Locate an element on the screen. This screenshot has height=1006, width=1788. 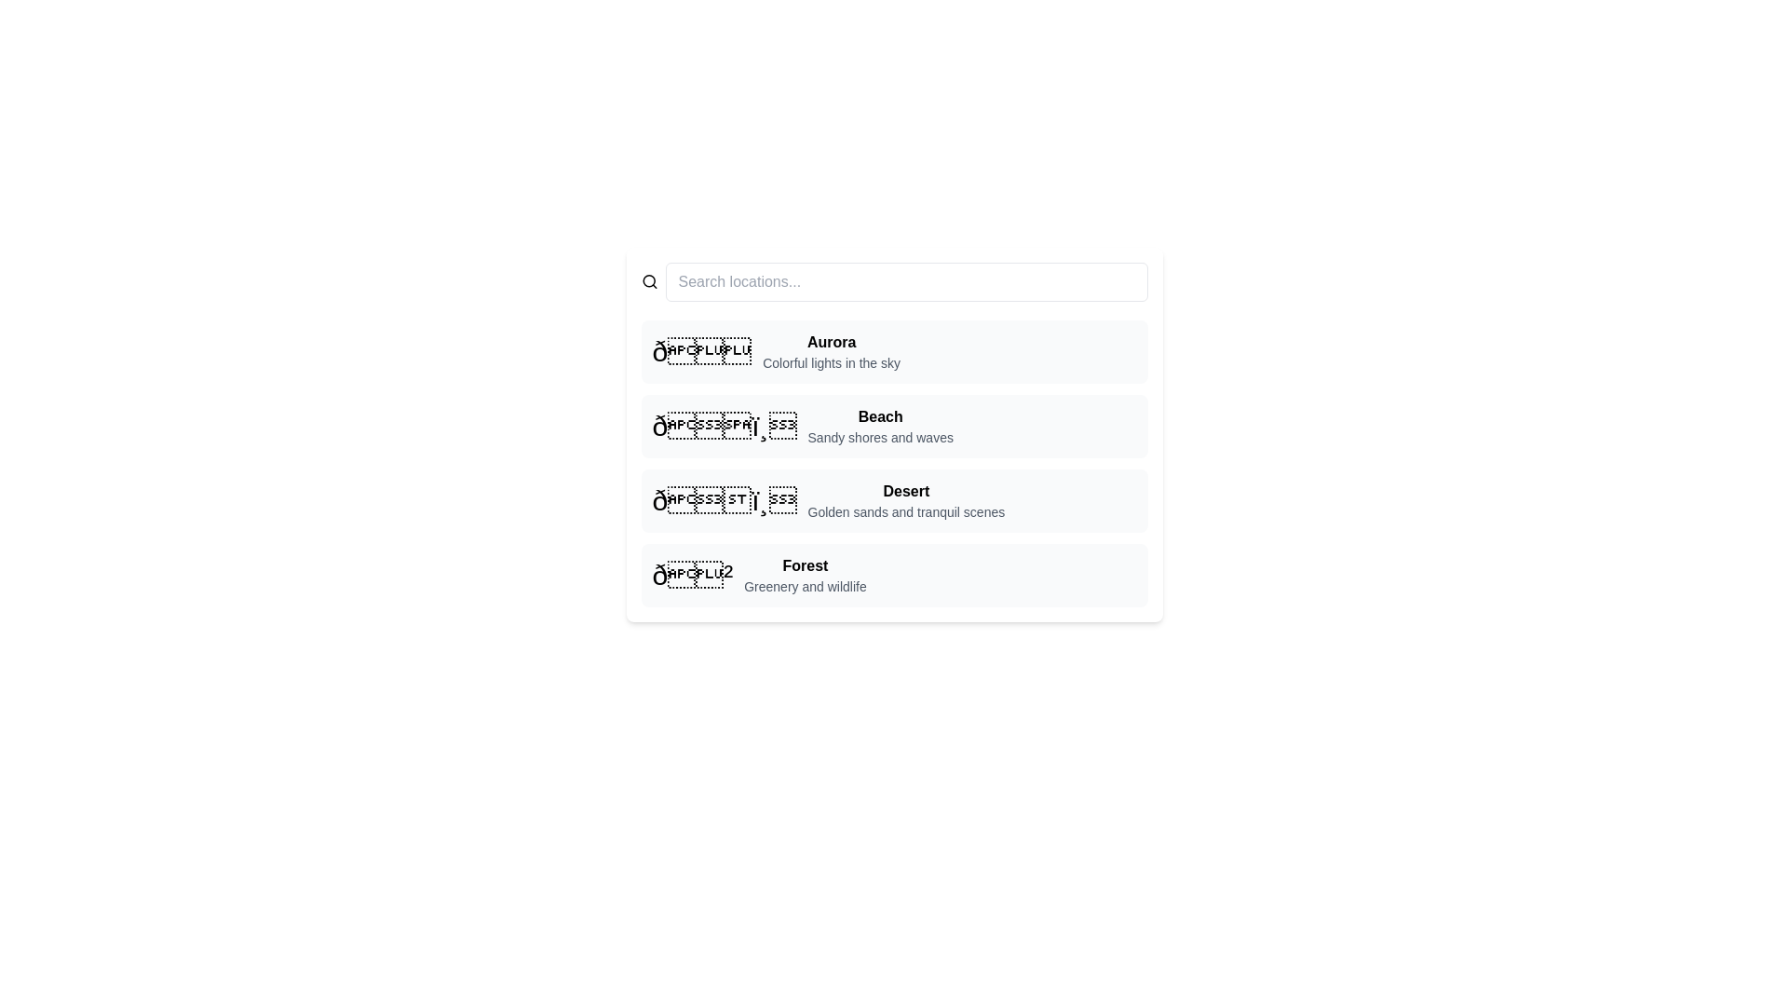
the selectable list item labeled 'Aurora' which features an emoji of the northern lights, a bold title, and a descriptive subtitle is located at coordinates (894, 352).